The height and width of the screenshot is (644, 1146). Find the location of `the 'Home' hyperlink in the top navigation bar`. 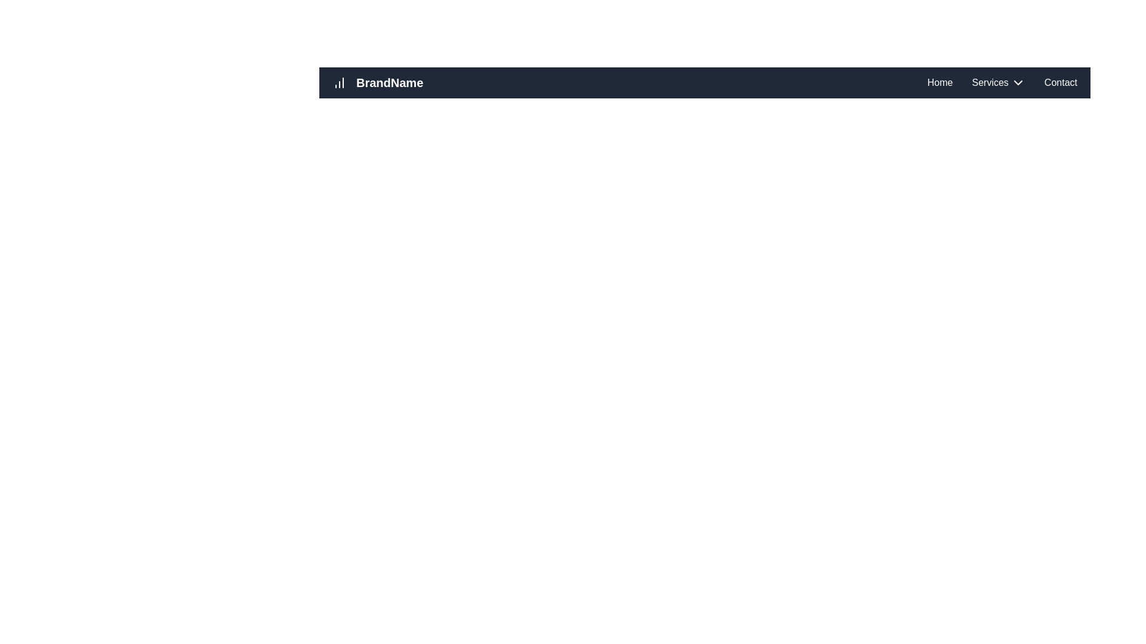

the 'Home' hyperlink in the top navigation bar is located at coordinates (939, 82).